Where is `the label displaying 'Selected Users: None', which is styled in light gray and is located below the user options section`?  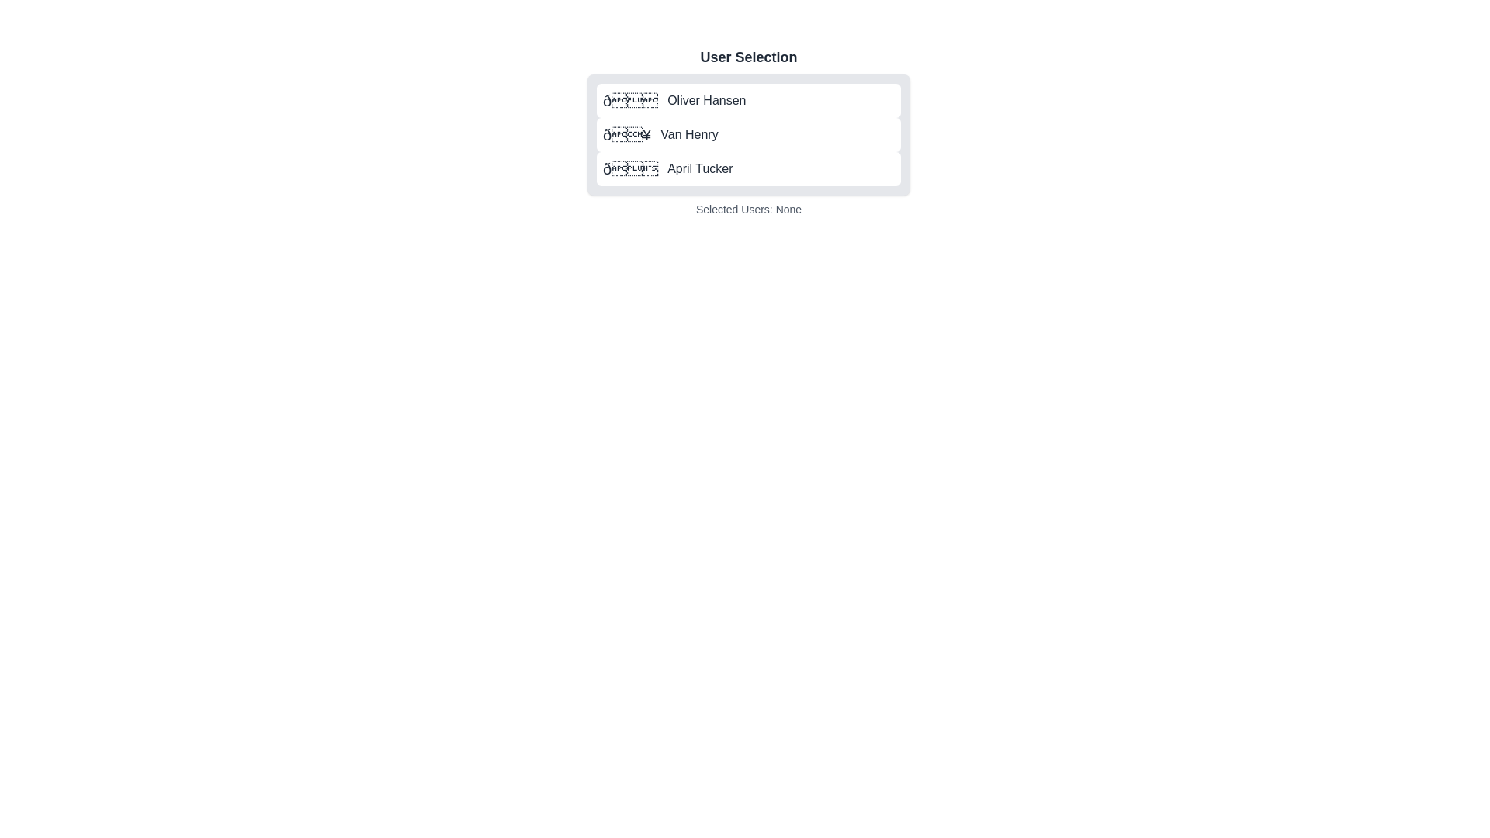
the label displaying 'Selected Users: None', which is styled in light gray and is located below the user options section is located at coordinates (748, 209).